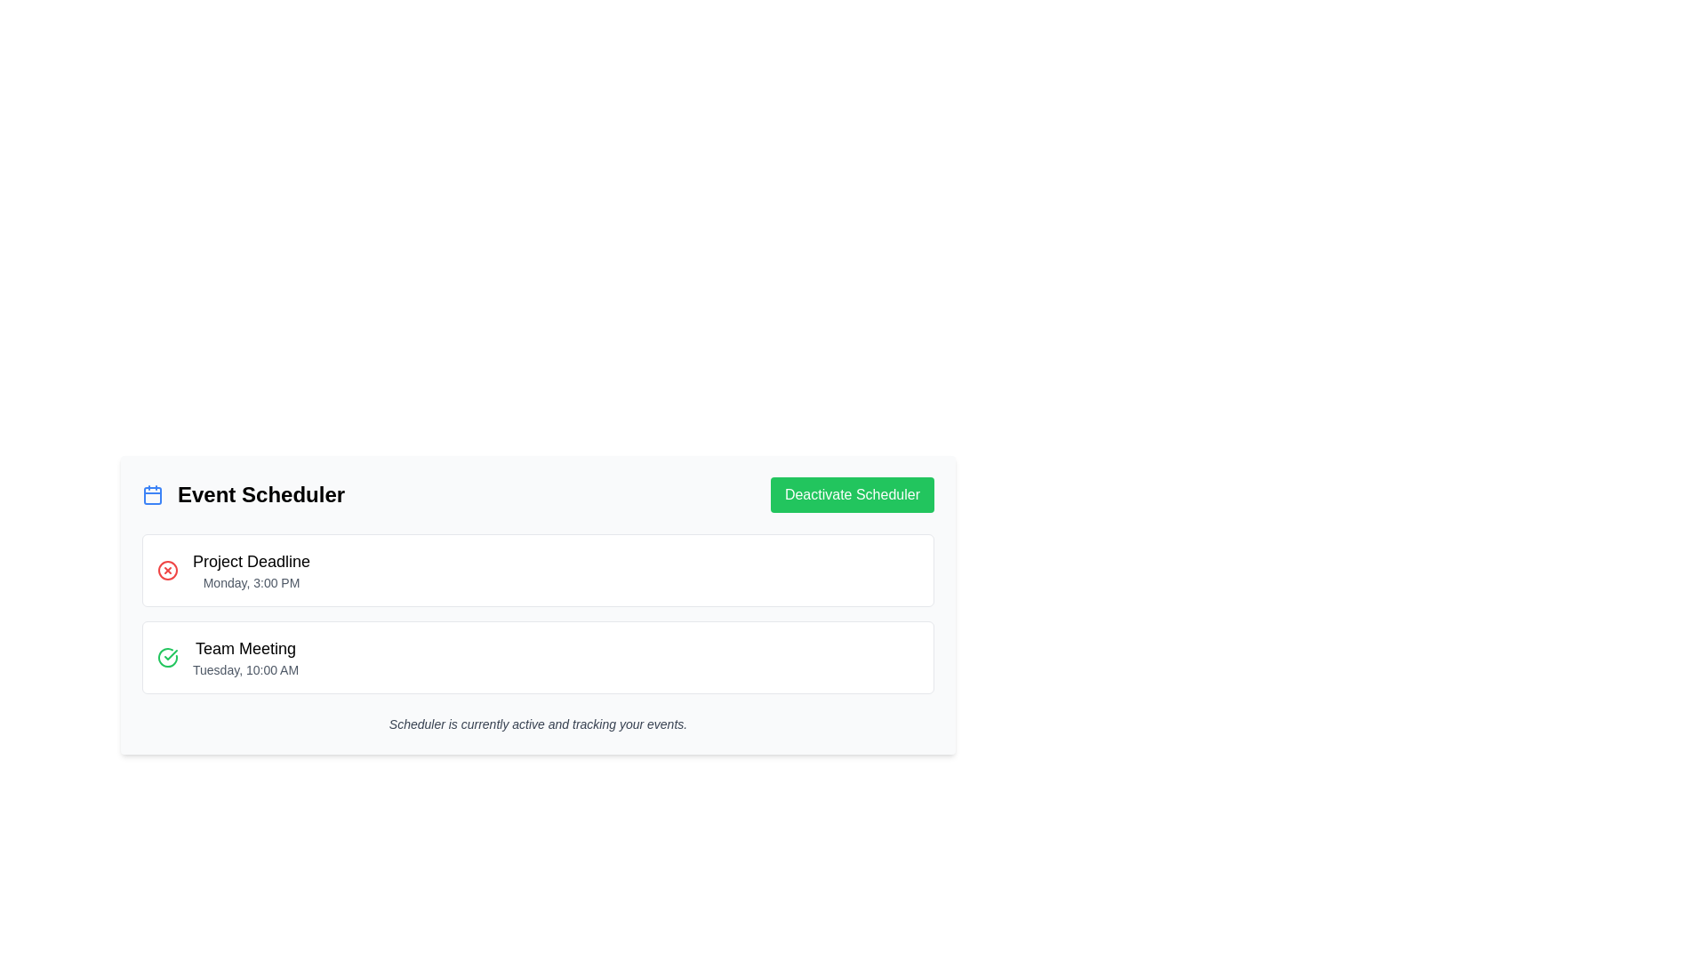  What do you see at coordinates (167, 570) in the screenshot?
I see `the cancellation/error icon located to the left of the 'Project Deadline' heading` at bounding box center [167, 570].